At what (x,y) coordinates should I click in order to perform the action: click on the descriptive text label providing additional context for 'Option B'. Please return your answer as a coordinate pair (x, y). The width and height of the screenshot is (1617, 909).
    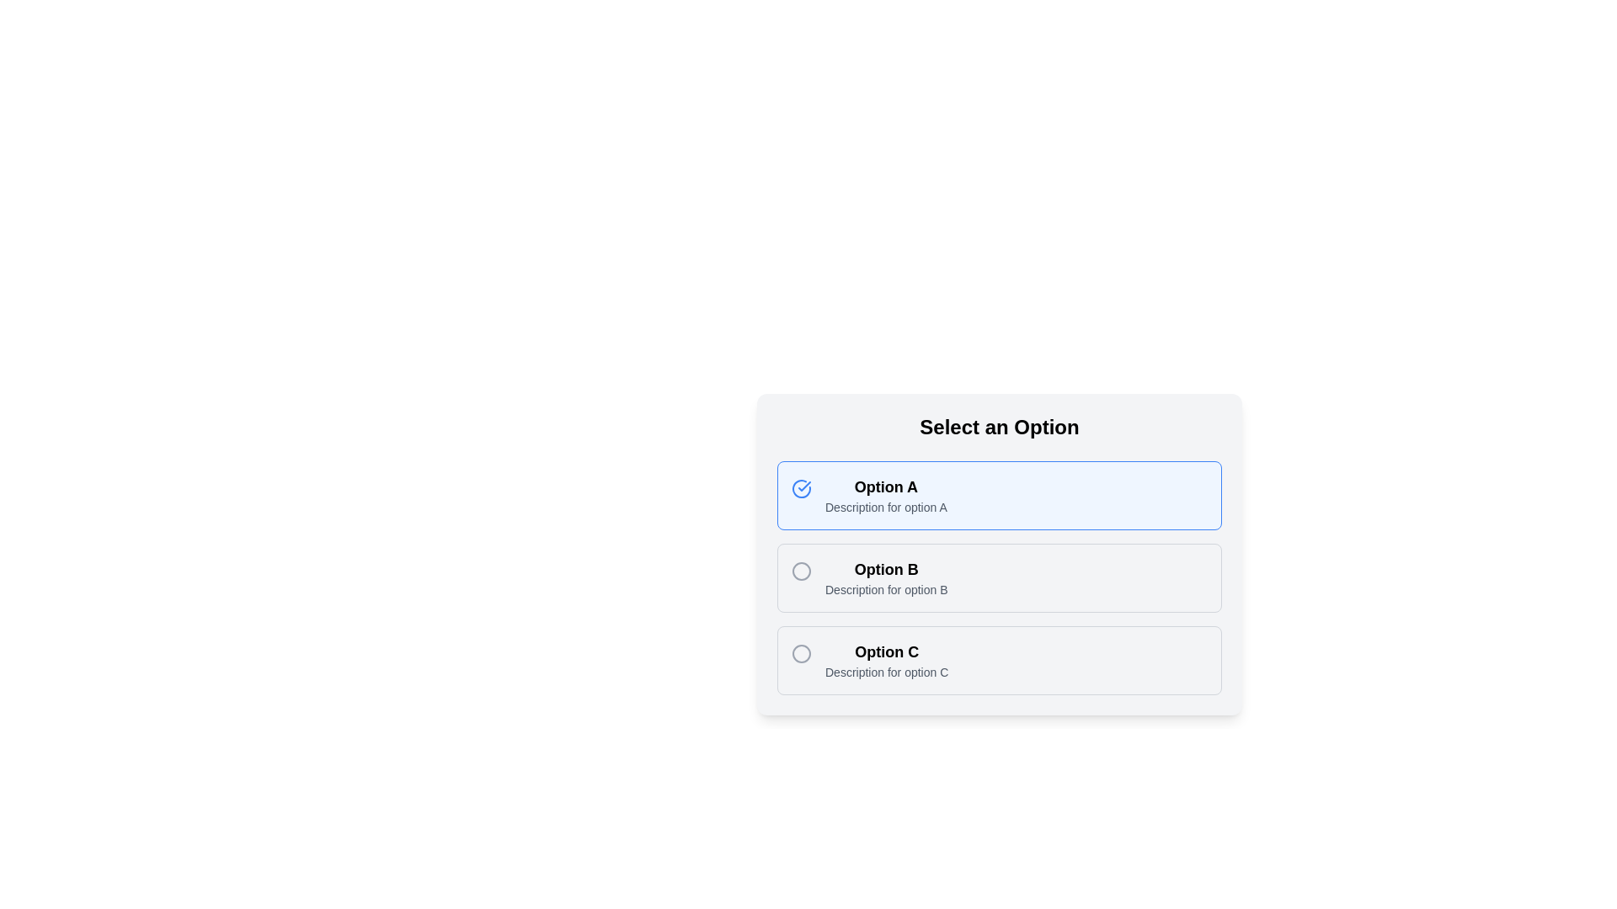
    Looking at the image, I should click on (885, 589).